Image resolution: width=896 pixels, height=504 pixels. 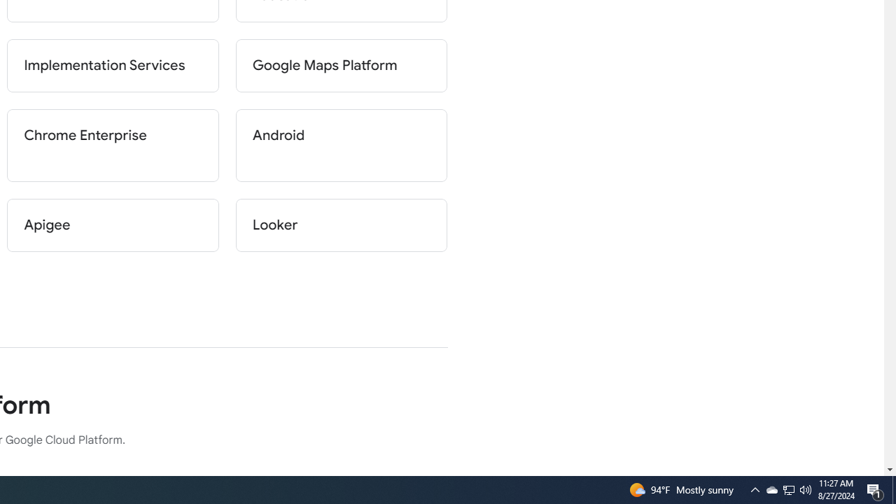 What do you see at coordinates (113, 146) in the screenshot?
I see `'Chrome Enterprise'` at bounding box center [113, 146].